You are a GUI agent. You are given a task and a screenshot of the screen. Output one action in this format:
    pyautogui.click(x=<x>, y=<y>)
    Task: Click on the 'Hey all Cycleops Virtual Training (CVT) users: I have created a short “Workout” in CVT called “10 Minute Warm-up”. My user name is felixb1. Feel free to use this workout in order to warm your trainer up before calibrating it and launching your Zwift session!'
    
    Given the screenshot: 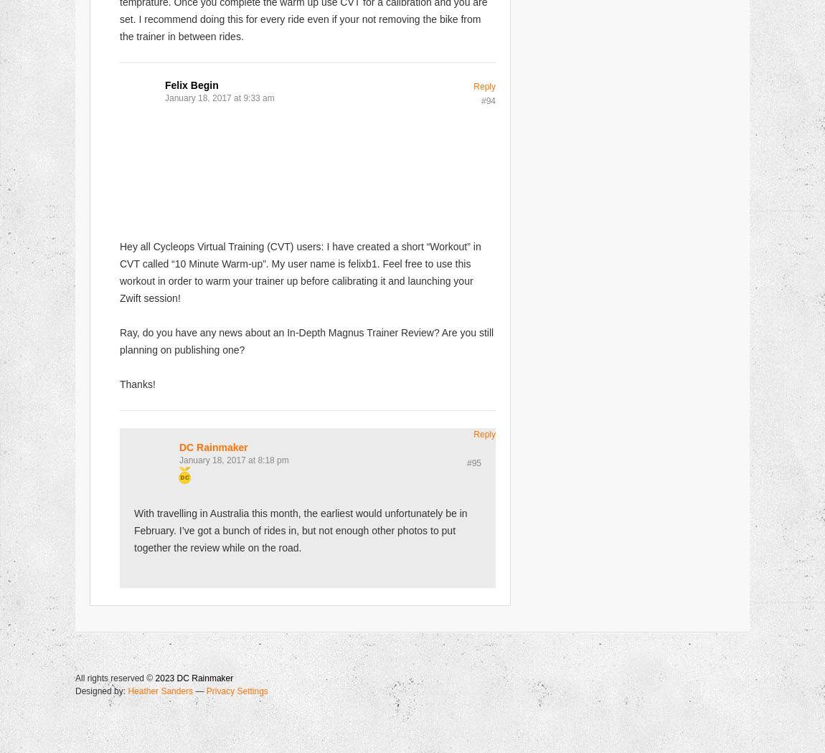 What is the action you would take?
    pyautogui.click(x=118, y=272)
    